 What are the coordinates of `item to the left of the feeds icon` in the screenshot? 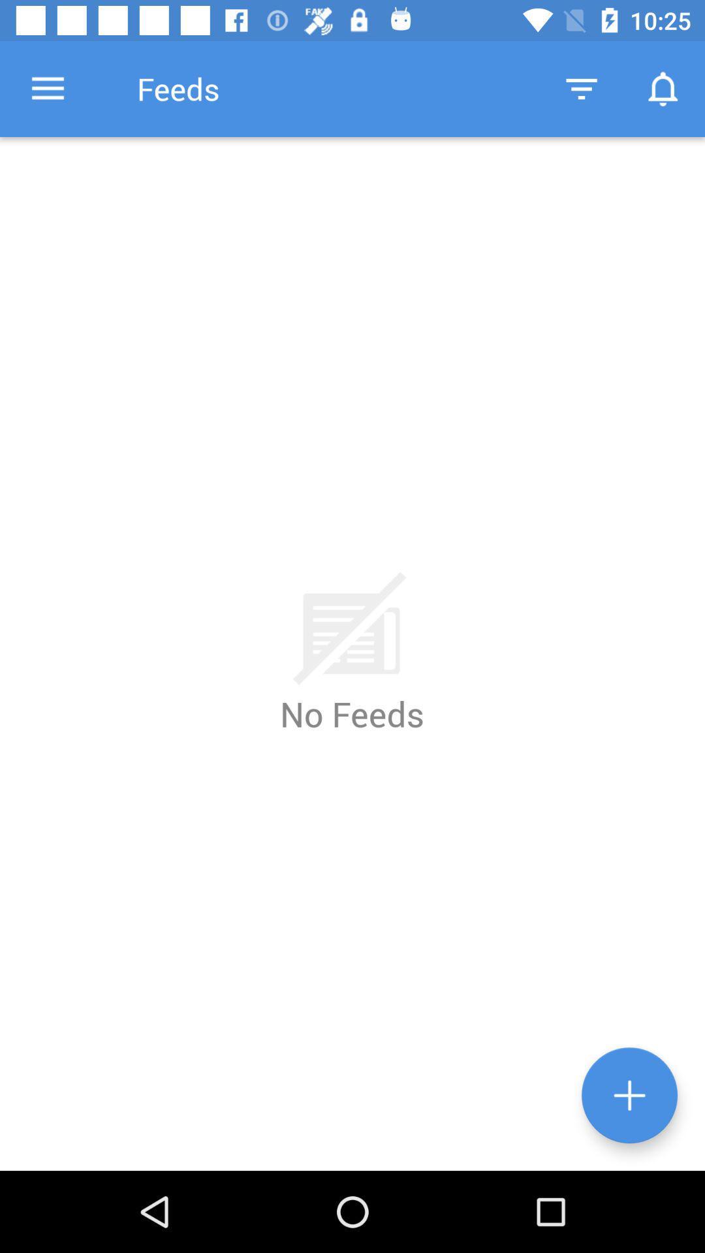 It's located at (47, 88).